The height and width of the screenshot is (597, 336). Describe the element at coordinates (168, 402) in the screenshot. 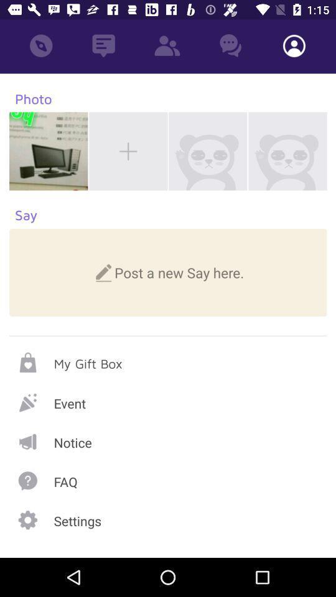

I see `choose event` at that location.